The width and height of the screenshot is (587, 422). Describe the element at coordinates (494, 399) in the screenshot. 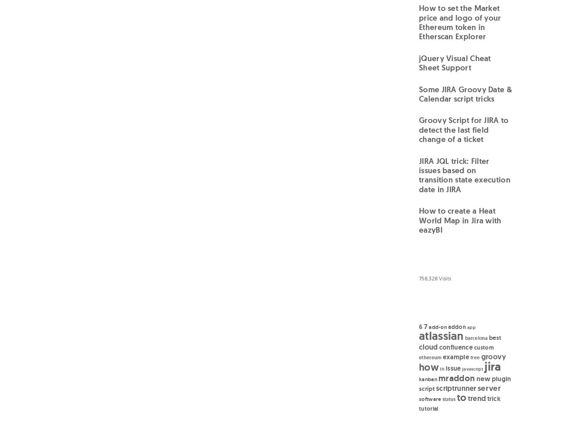

I see `'trick'` at that location.